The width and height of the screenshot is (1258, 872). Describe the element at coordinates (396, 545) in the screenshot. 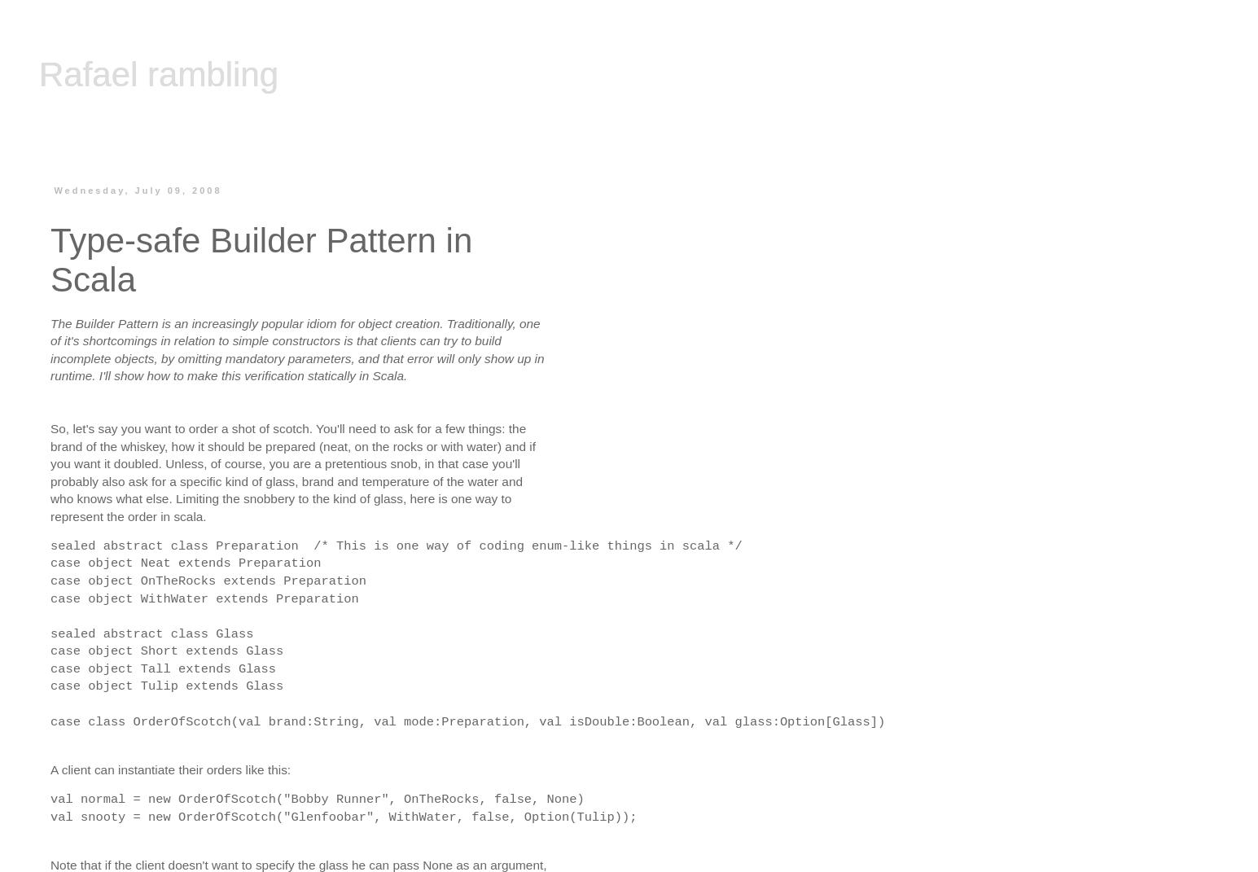

I see `'sealed abstract class Preparation  /* This is one way of coding enum-like things in scala */'` at that location.